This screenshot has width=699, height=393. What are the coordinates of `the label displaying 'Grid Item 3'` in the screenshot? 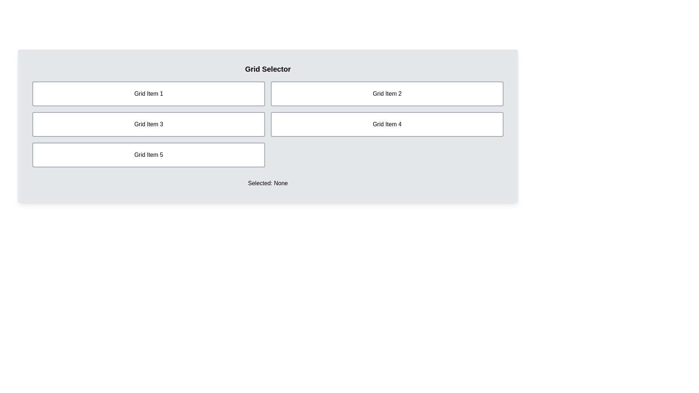 It's located at (148, 124).